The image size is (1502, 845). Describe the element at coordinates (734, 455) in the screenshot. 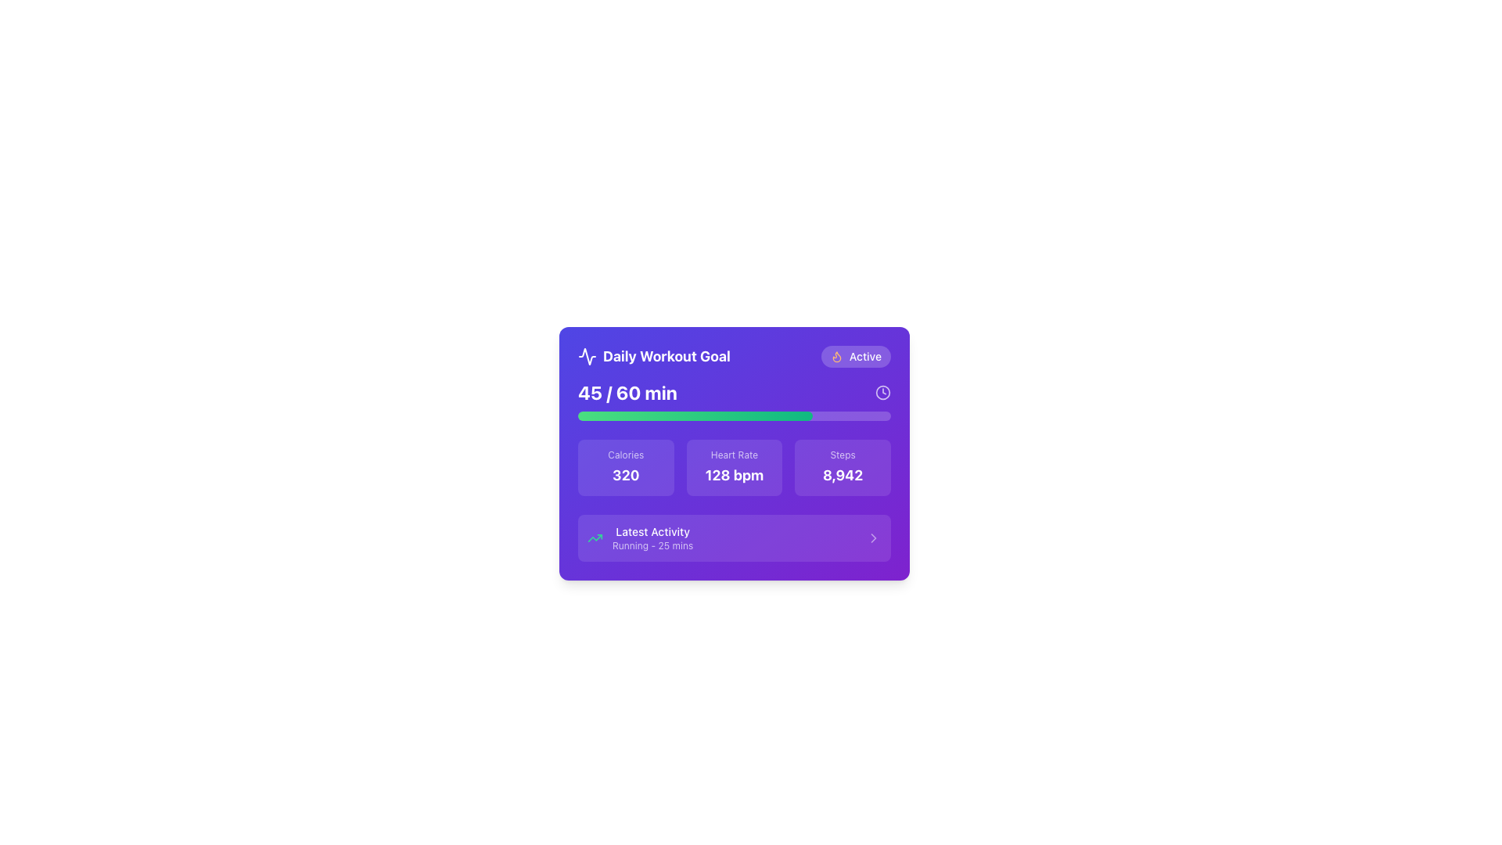

I see `'Heart Rate' text label, which is styled in a small white font with slight opacity on a purple background, serving as the label for heart rate data` at that location.